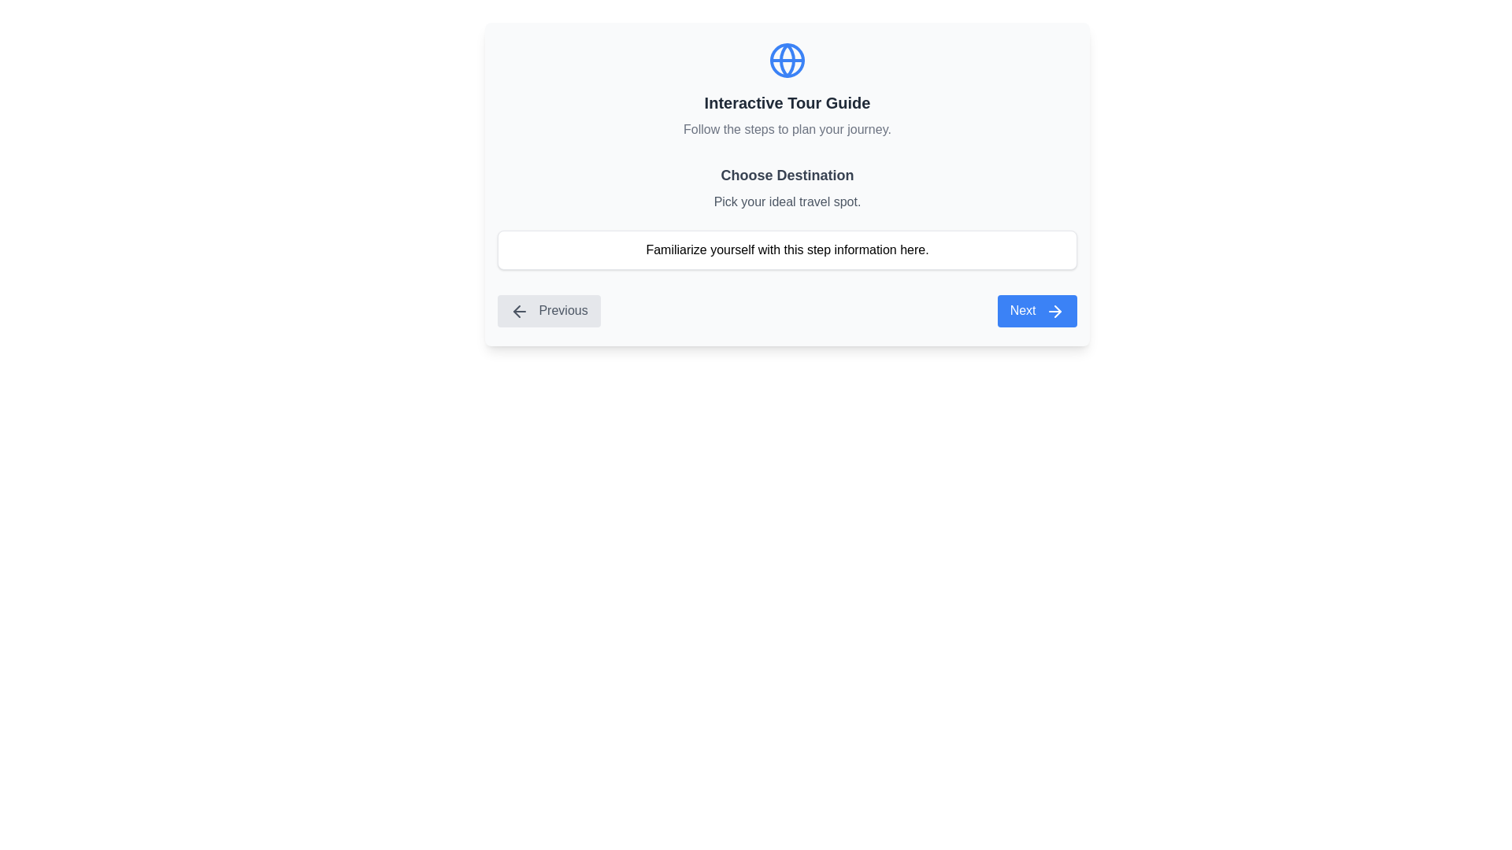 Image resolution: width=1512 pixels, height=850 pixels. What do you see at coordinates (787, 201) in the screenshot?
I see `the text label that says 'Pick your ideal travel spot.', which is centered below the heading 'Choose Destination'` at bounding box center [787, 201].